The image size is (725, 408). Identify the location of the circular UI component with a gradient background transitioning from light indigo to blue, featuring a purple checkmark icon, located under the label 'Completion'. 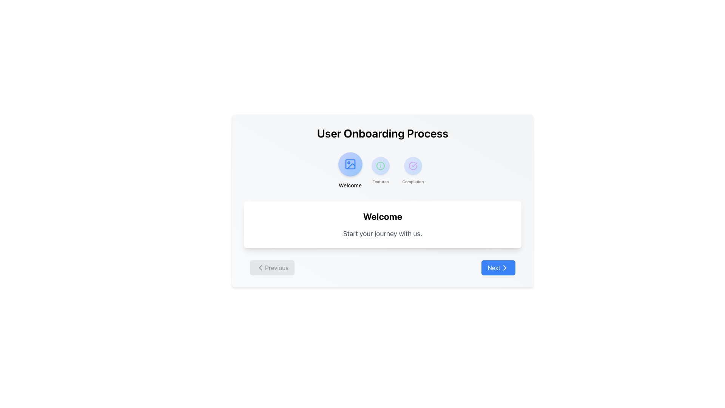
(412, 165).